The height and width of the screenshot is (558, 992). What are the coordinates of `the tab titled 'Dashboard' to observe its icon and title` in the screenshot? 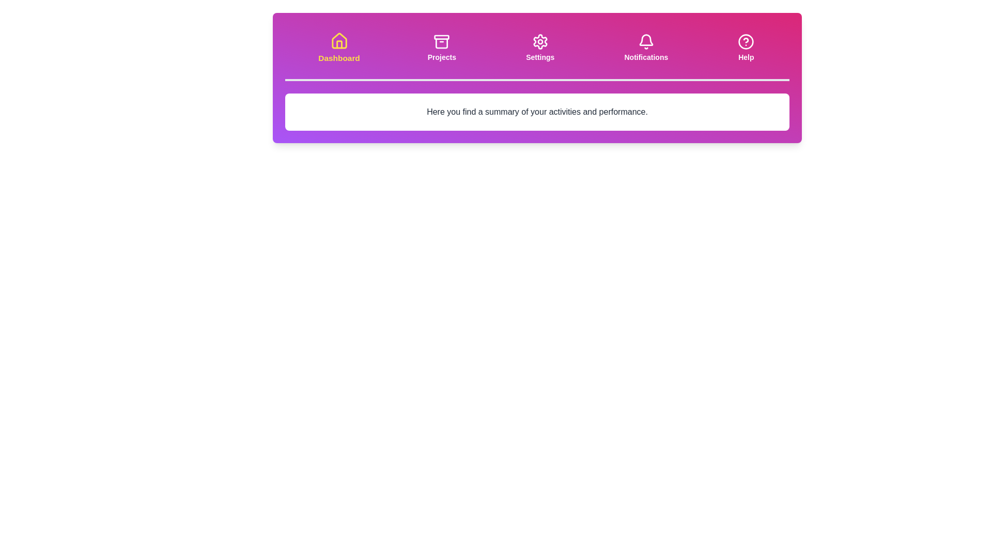 It's located at (339, 48).